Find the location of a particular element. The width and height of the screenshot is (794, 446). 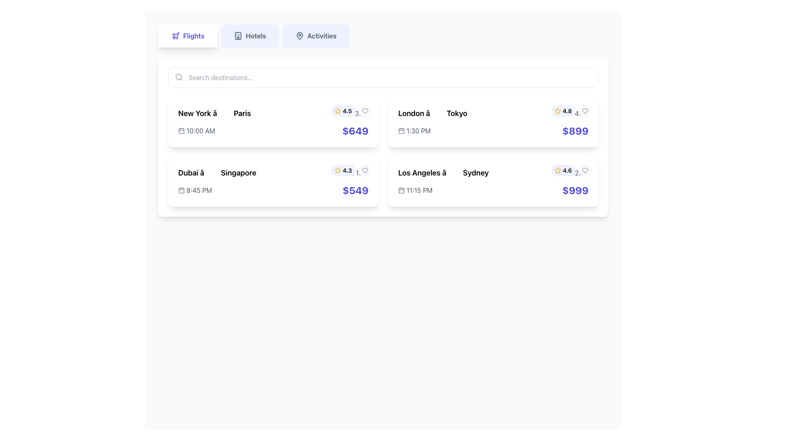

the central star icon in the second row of listings to interact with the rating system is located at coordinates (557, 110).